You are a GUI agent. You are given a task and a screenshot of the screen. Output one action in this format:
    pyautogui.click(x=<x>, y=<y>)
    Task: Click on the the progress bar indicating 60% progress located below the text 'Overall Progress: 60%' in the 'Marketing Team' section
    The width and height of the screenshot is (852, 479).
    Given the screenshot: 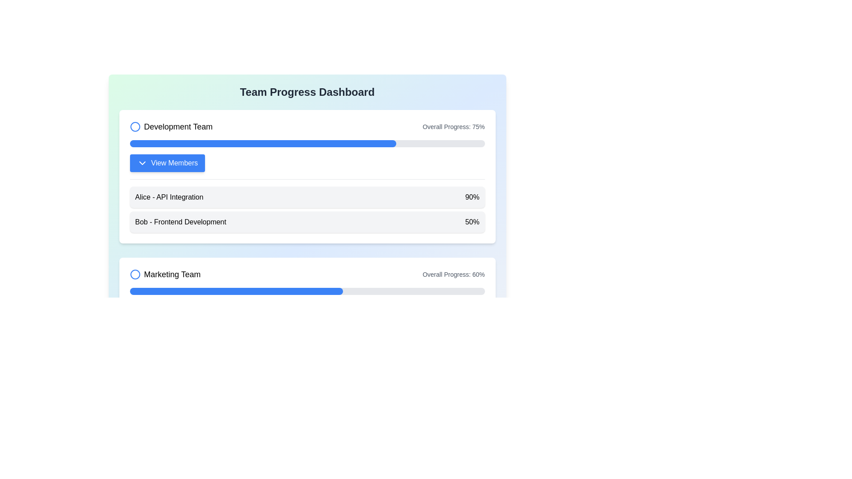 What is the action you would take?
    pyautogui.click(x=307, y=291)
    